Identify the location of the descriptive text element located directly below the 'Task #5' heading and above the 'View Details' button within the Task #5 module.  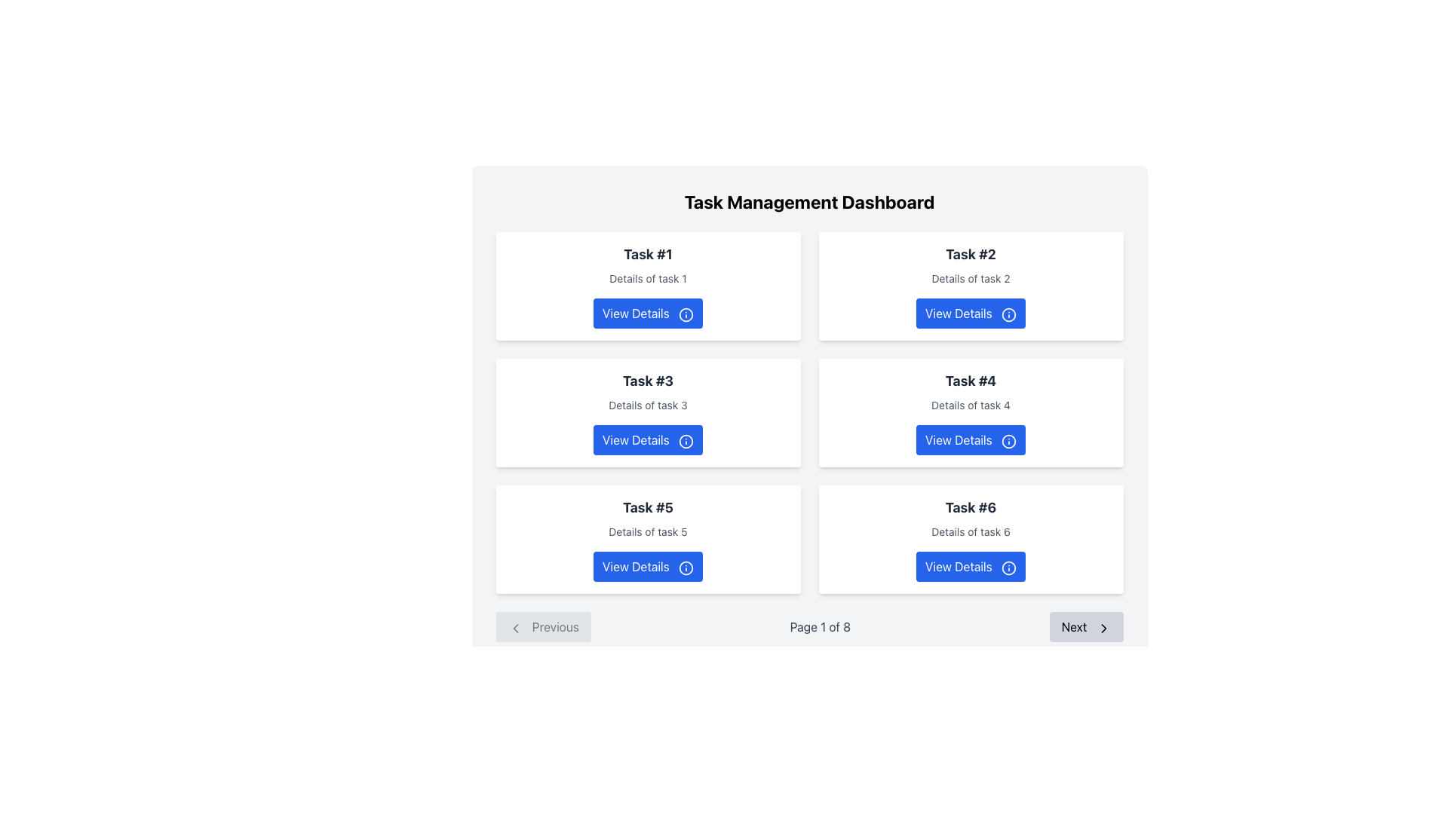
(648, 531).